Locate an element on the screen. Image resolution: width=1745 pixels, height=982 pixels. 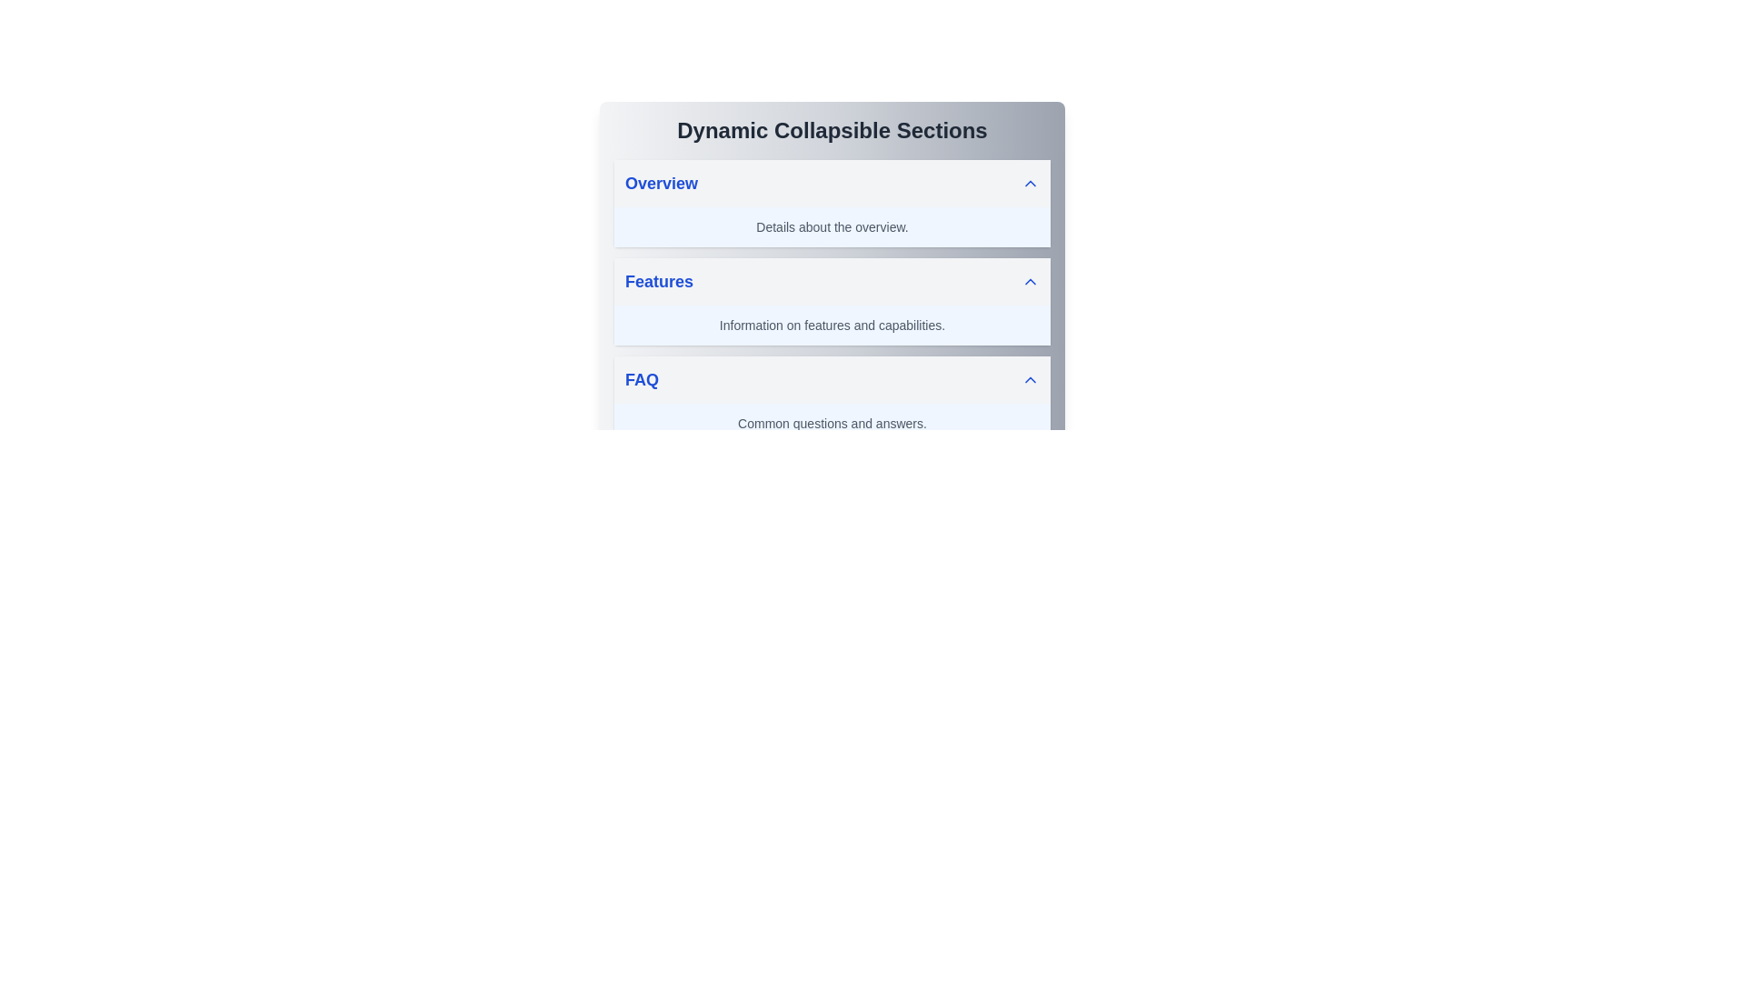
the text label displaying 'Details about the overview.' which is located below the 'Overview' section header is located at coordinates (832, 226).